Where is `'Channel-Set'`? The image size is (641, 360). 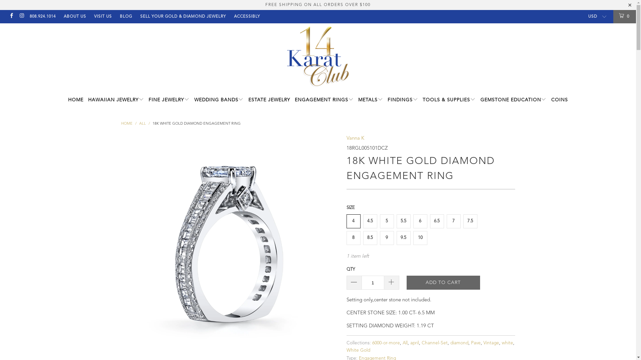 'Channel-Set' is located at coordinates (434, 343).